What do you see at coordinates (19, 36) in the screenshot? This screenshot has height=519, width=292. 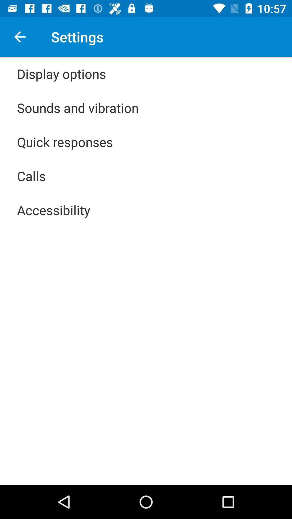 I see `icon above display options item` at bounding box center [19, 36].